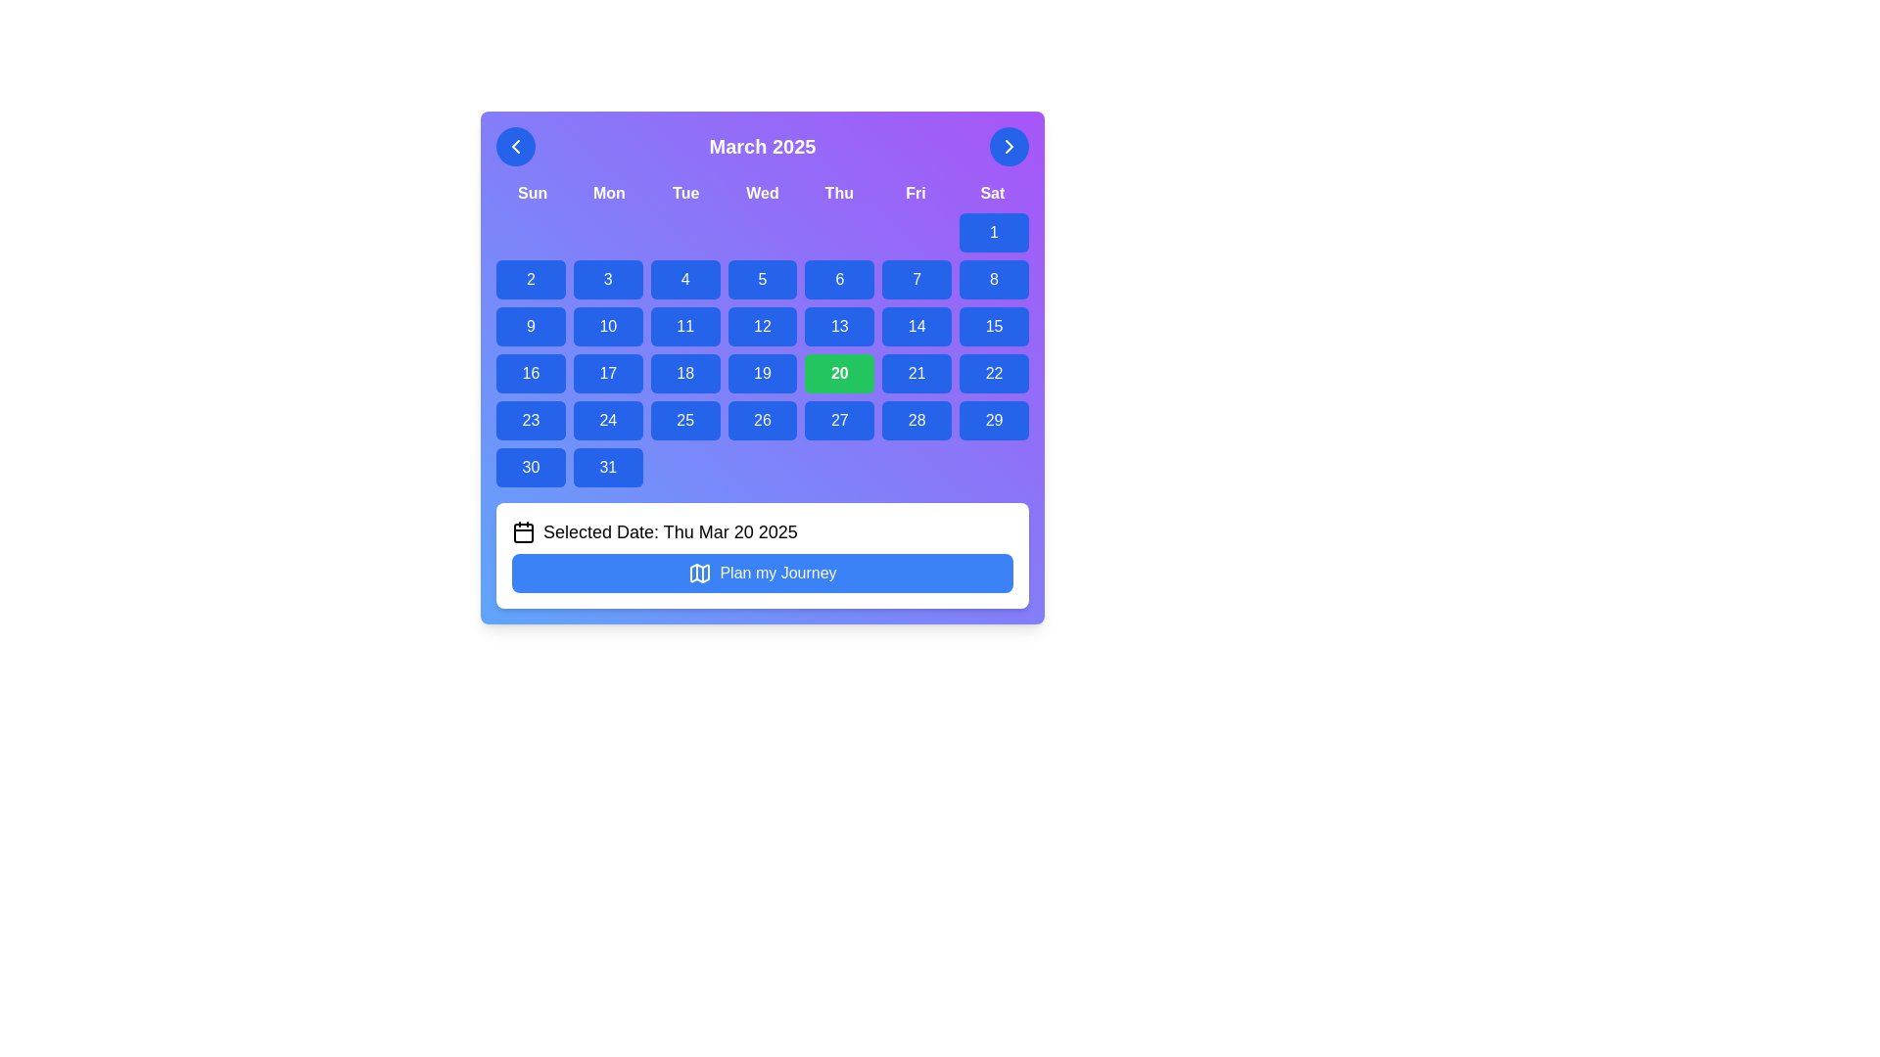 Image resolution: width=1880 pixels, height=1057 pixels. Describe the element at coordinates (761, 279) in the screenshot. I see `the clickable date selector button for the date '5' located in the second row of the calendar grid below the 'Wed' header` at that location.